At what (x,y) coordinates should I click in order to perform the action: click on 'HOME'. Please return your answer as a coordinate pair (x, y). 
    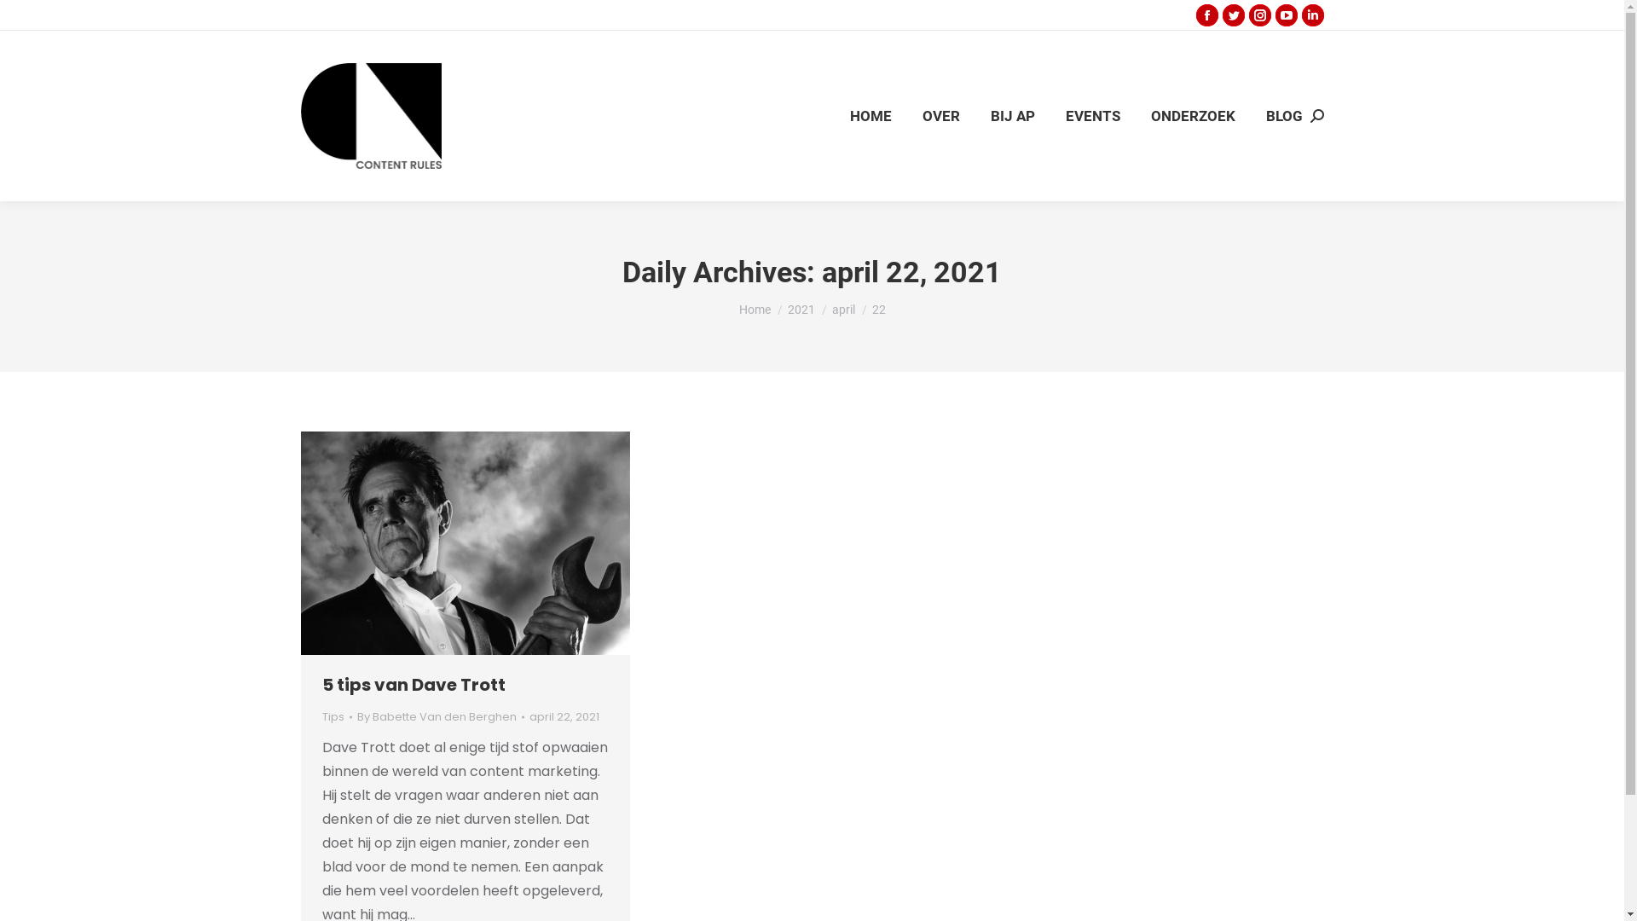
    Looking at the image, I should click on (870, 115).